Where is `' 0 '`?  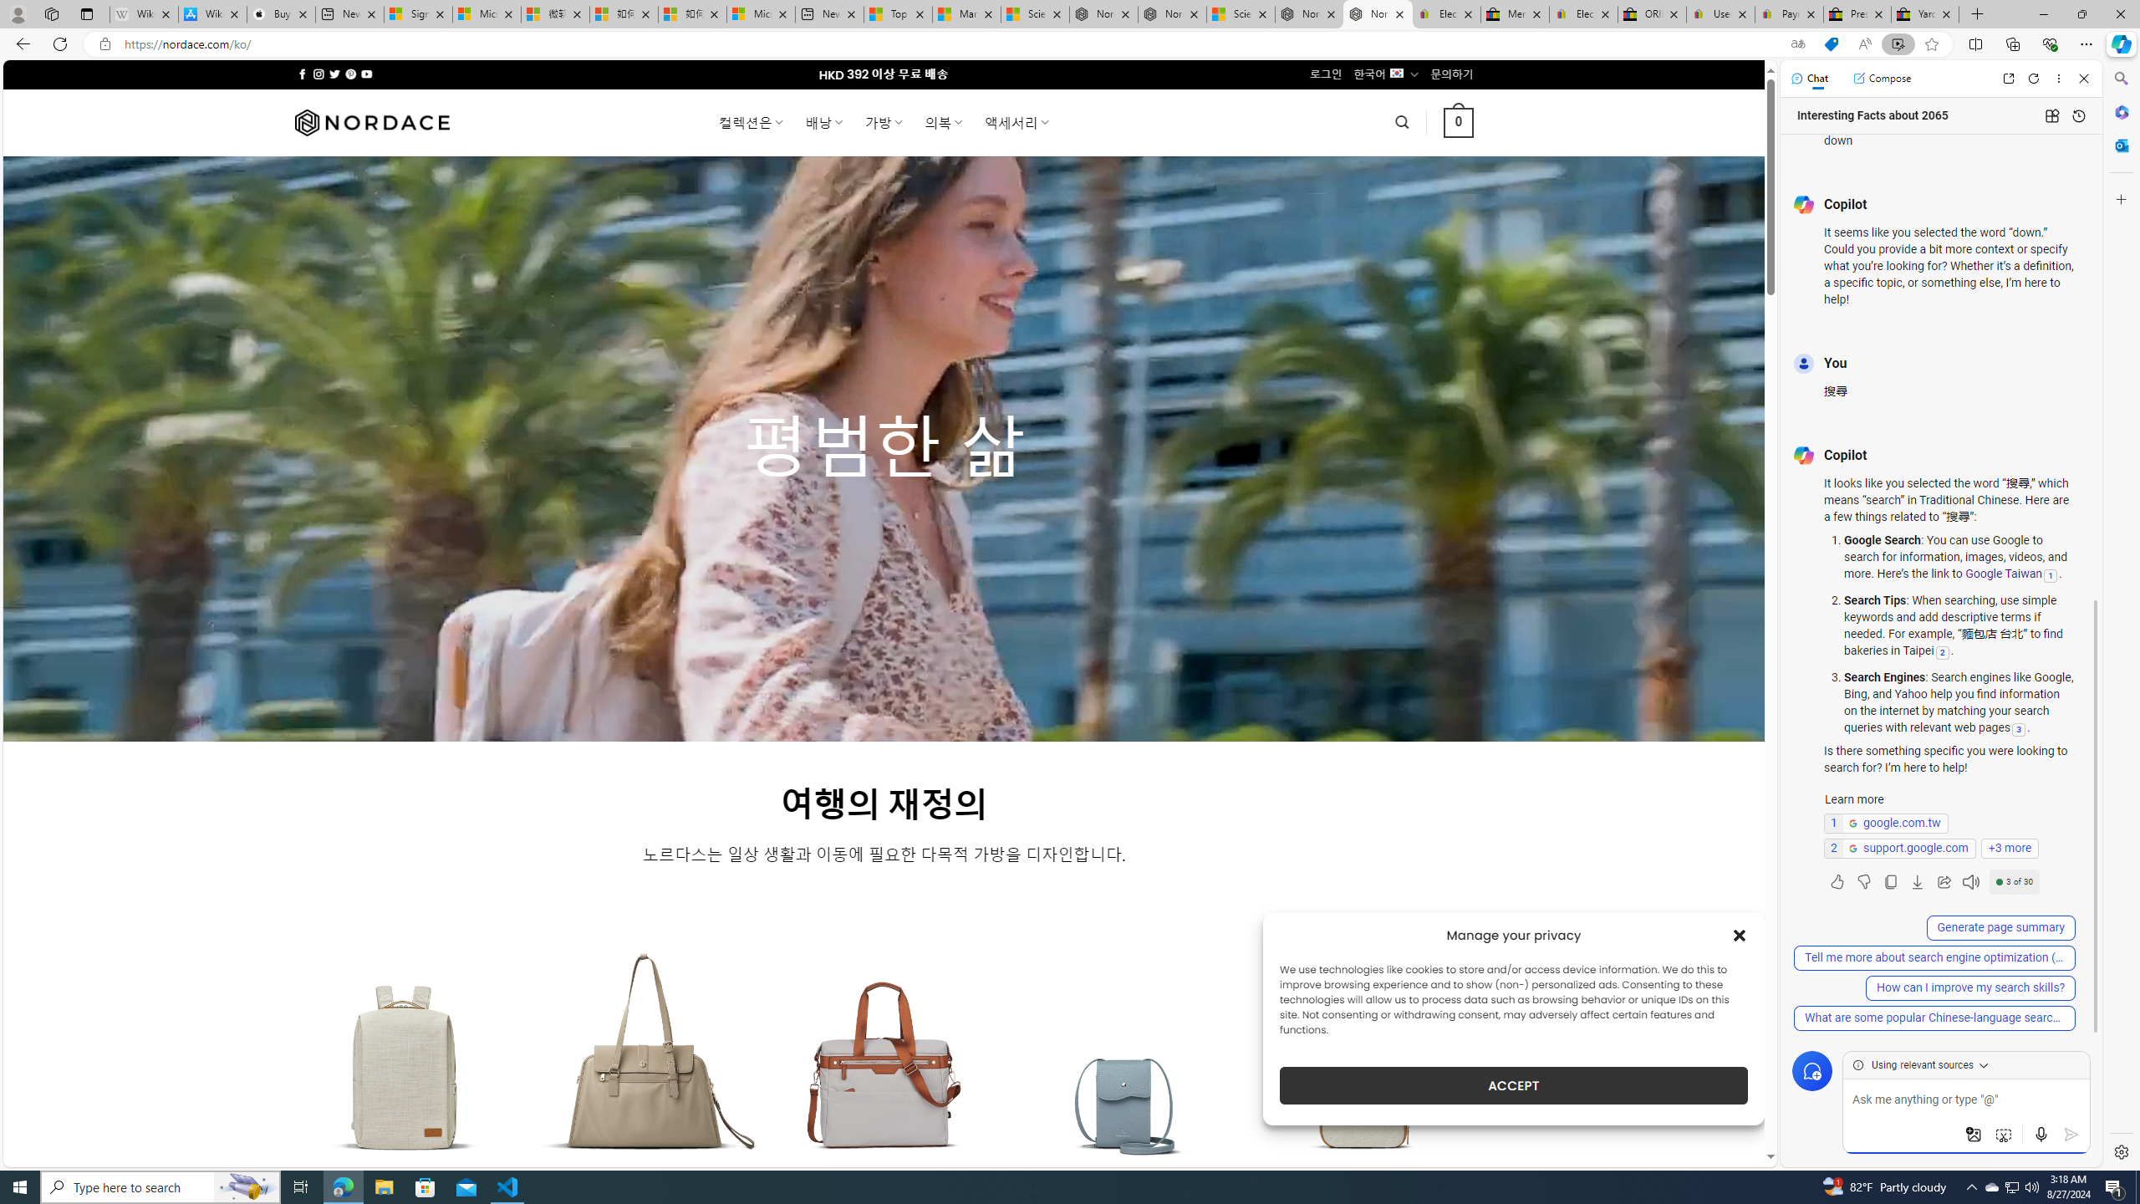 ' 0 ' is located at coordinates (1458, 121).